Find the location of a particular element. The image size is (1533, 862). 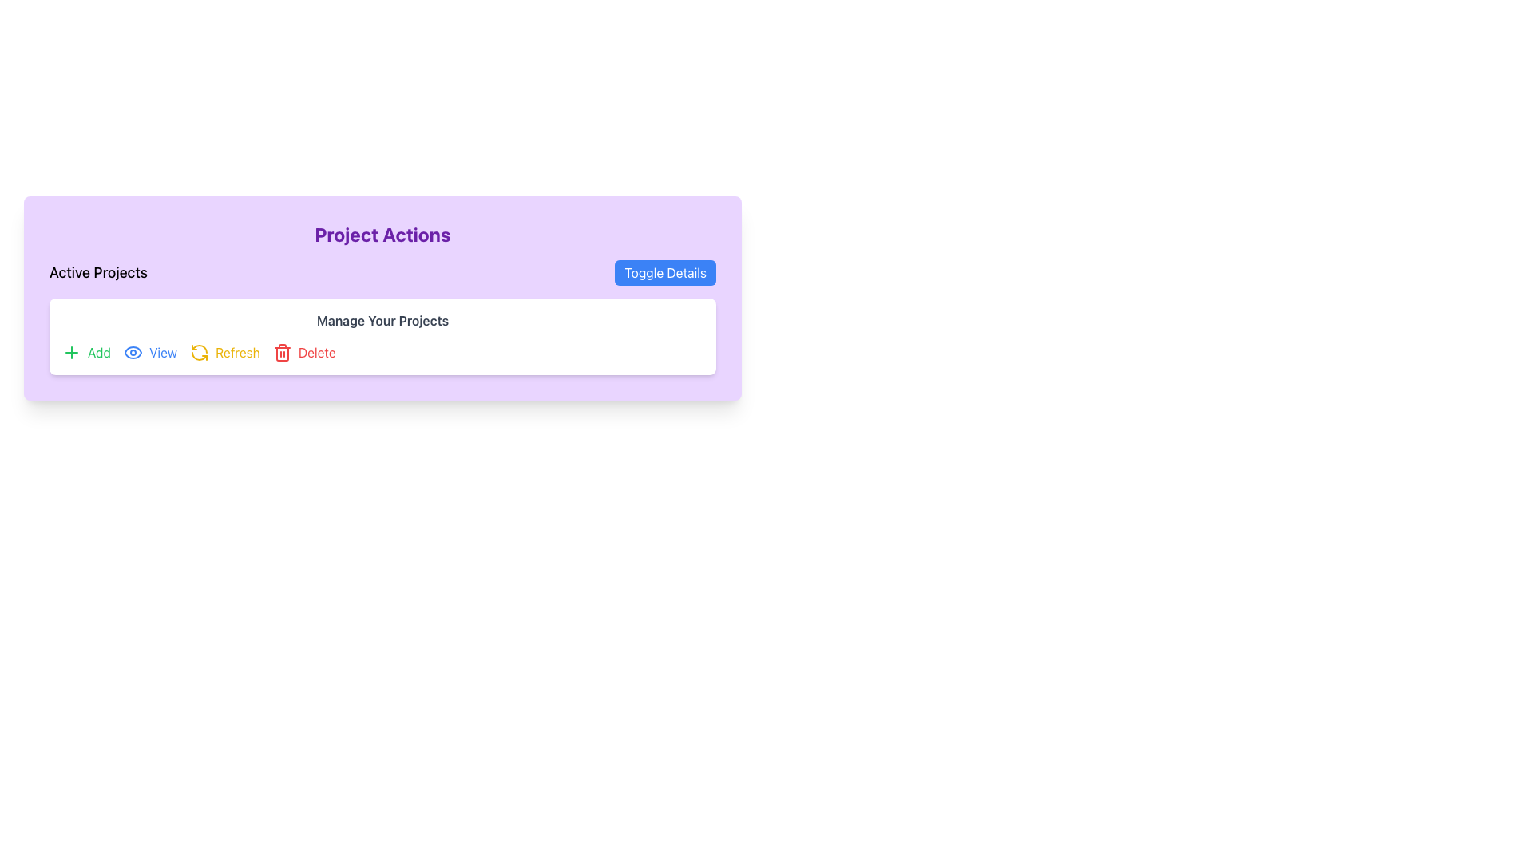

the button located on the far right side of the header section labeled 'Active Projects' is located at coordinates (665, 272).